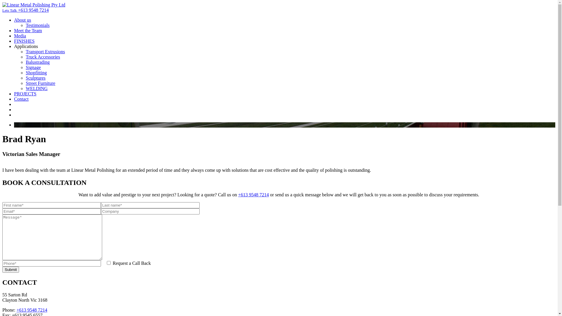 The width and height of the screenshot is (562, 316). Describe the element at coordinates (16, 310) in the screenshot. I see `'+613 9548 7214'` at that location.